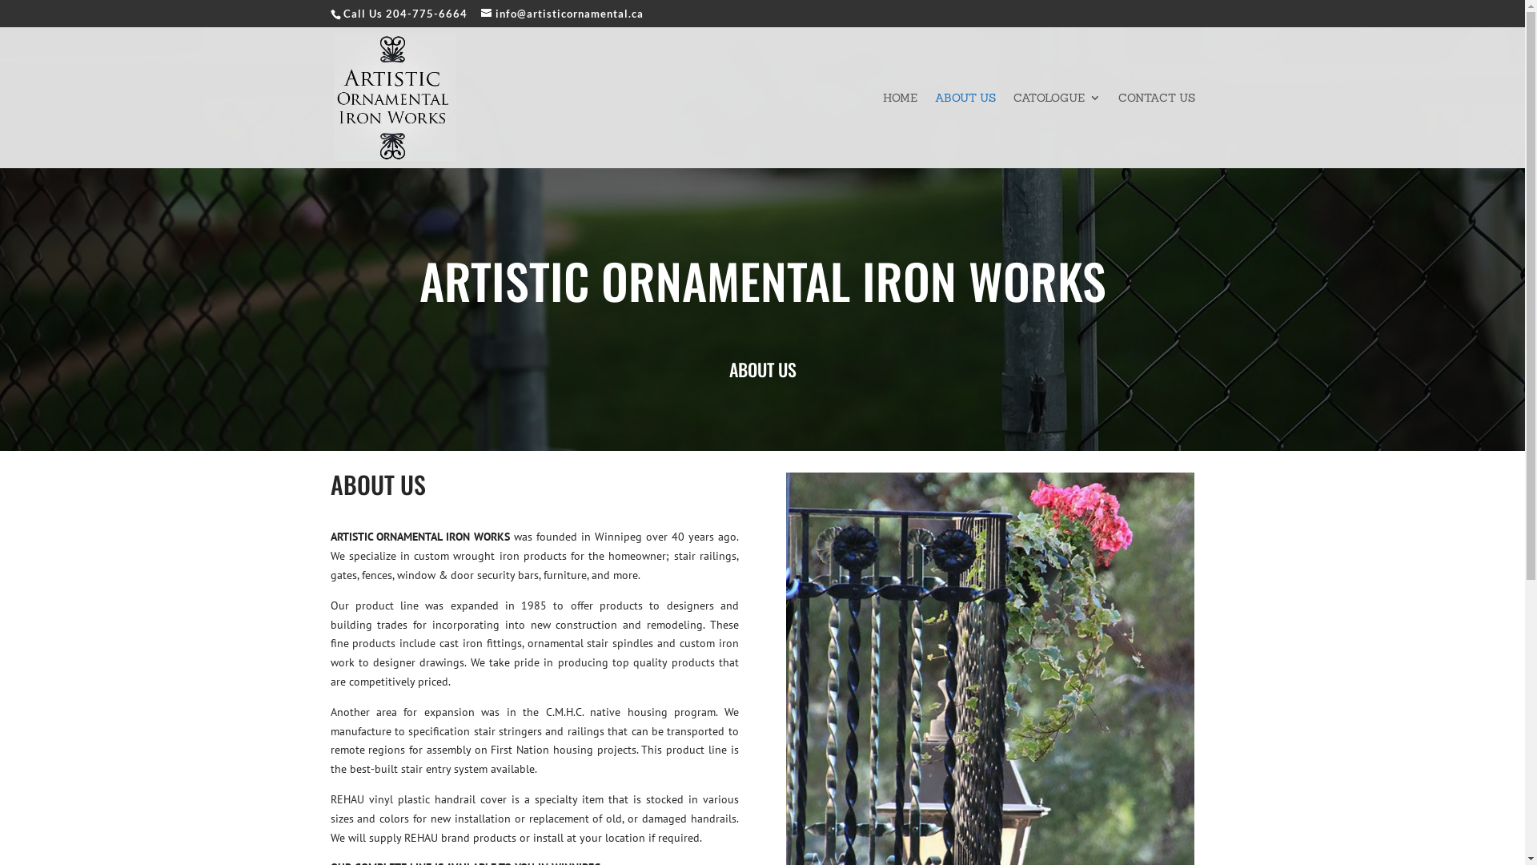 The width and height of the screenshot is (1537, 865). I want to click on 'Call Us 204-775-6664', so click(404, 13).